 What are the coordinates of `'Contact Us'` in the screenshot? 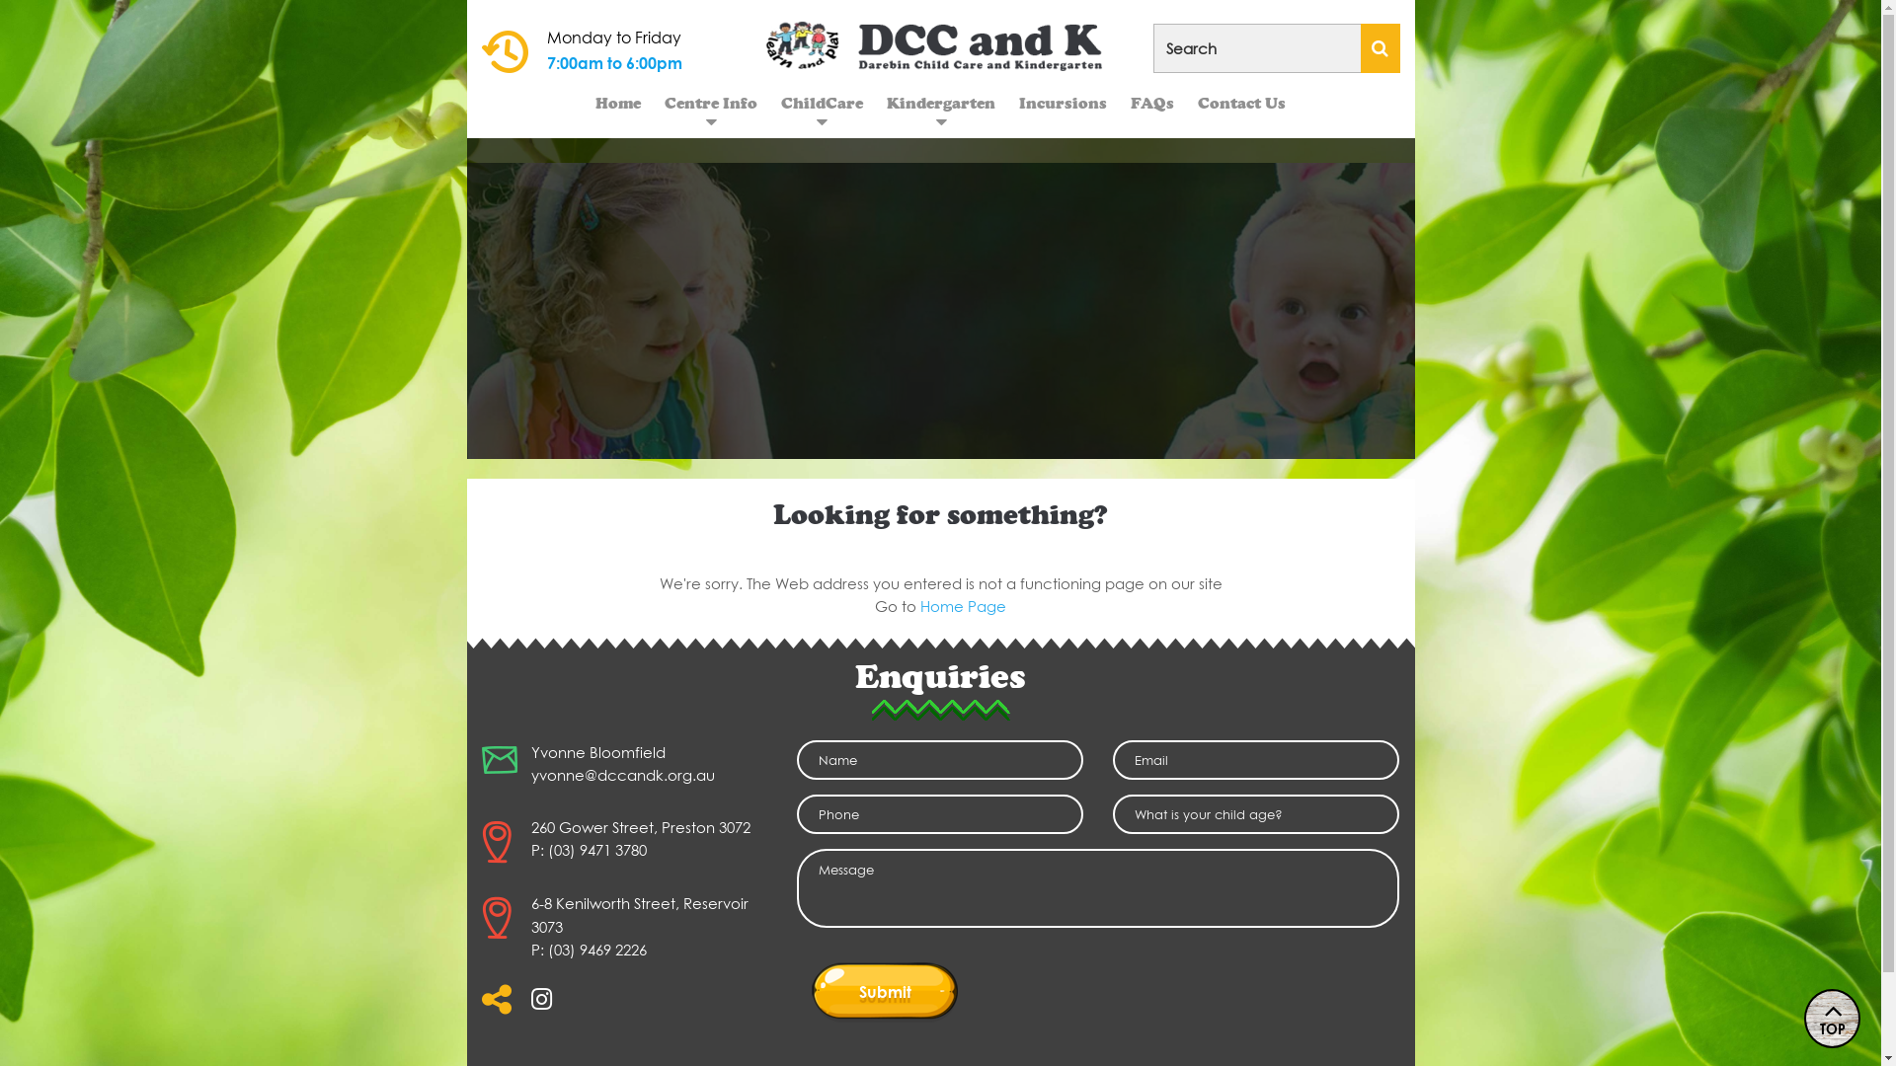 It's located at (1185, 103).